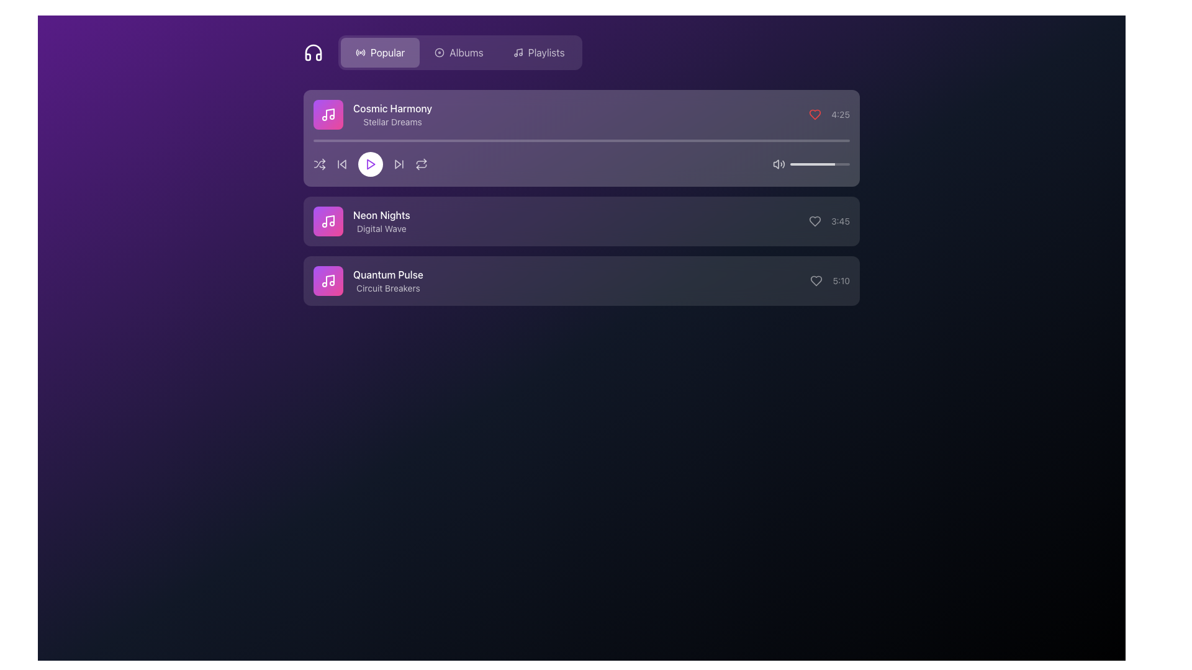 The width and height of the screenshot is (1192, 670). Describe the element at coordinates (381, 221) in the screenshot. I see `the text label that represents the second entry in a vertical list of music items, positioned between 'Cosmic Harmony' and 'Quantum Pulse'` at that location.